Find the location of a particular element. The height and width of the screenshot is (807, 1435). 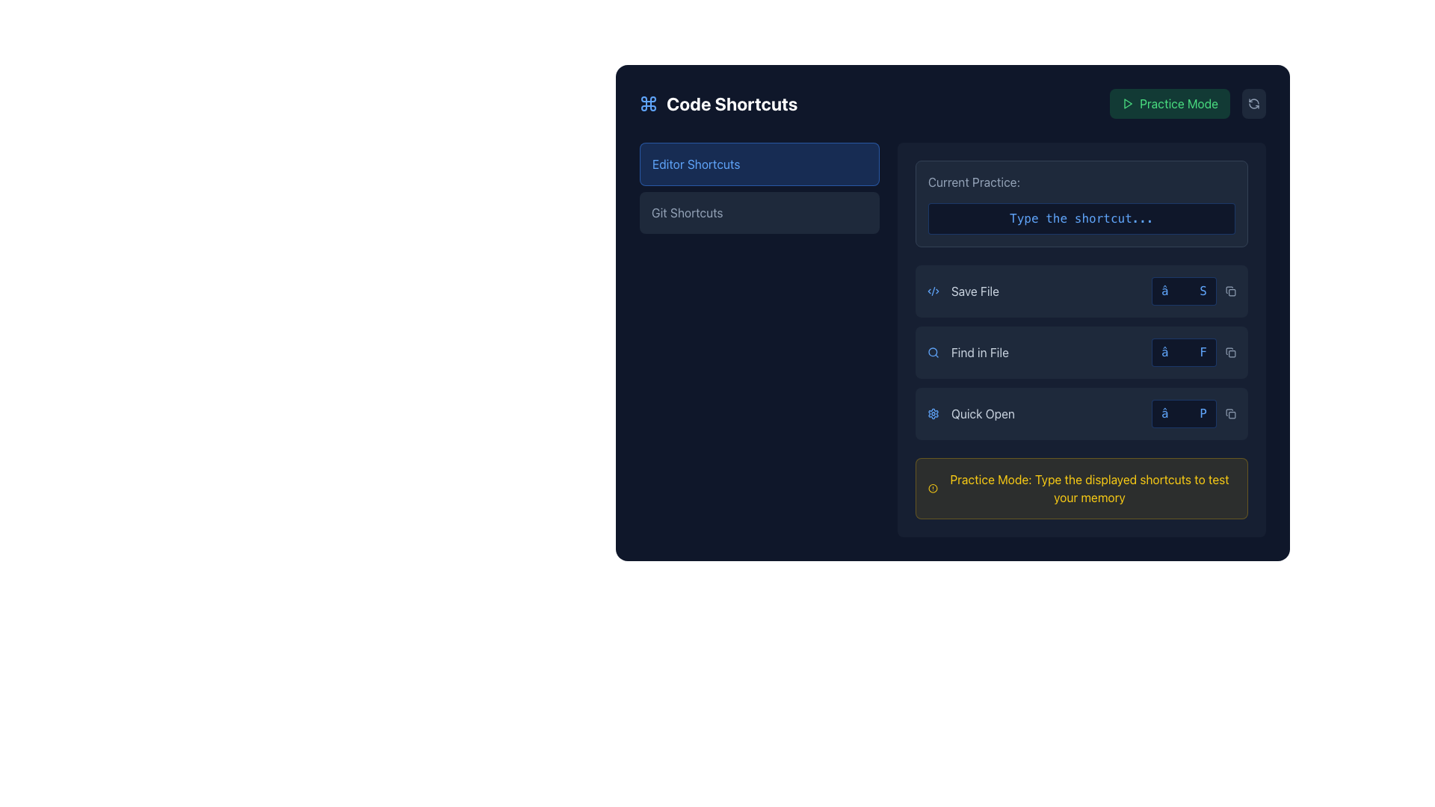

the Keyboard Shortcut Label indicating '⌘' and 'P', which is the third item in the vertical list under 'Quick Open' is located at coordinates (1193, 414).